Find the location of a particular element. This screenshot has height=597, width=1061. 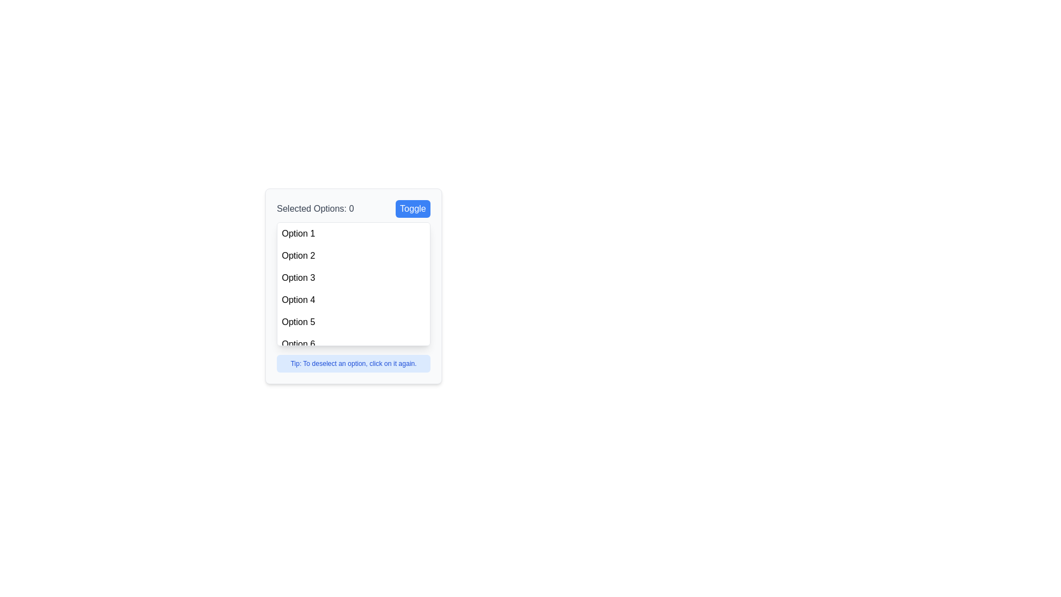

the text label that displays 'Option 5', which is the fifth option in a dropdown list is located at coordinates (298, 322).